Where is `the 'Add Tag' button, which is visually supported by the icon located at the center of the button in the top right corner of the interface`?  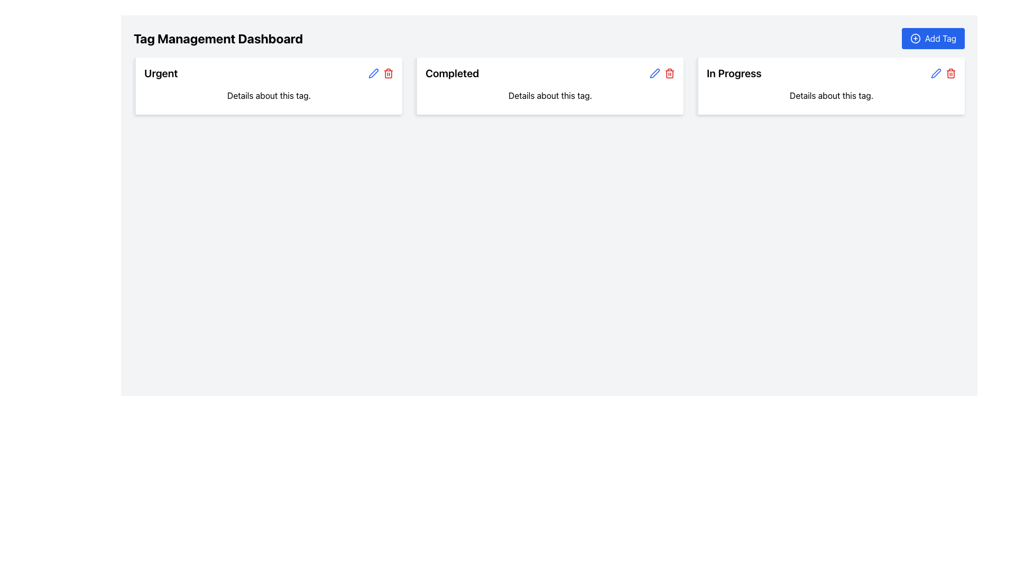
the 'Add Tag' button, which is visually supported by the icon located at the center of the button in the top right corner of the interface is located at coordinates (915, 38).